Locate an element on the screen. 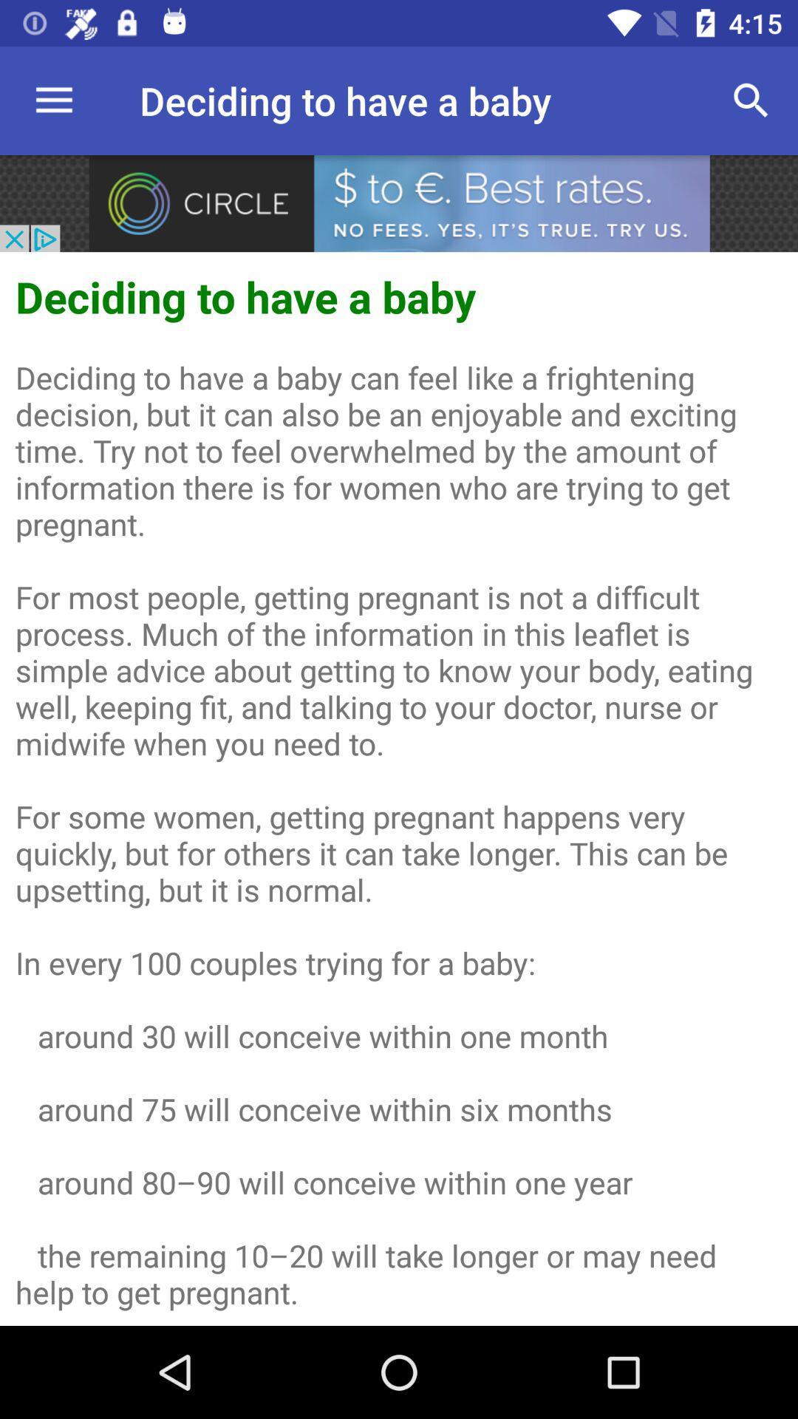  circle is located at coordinates (399, 203).